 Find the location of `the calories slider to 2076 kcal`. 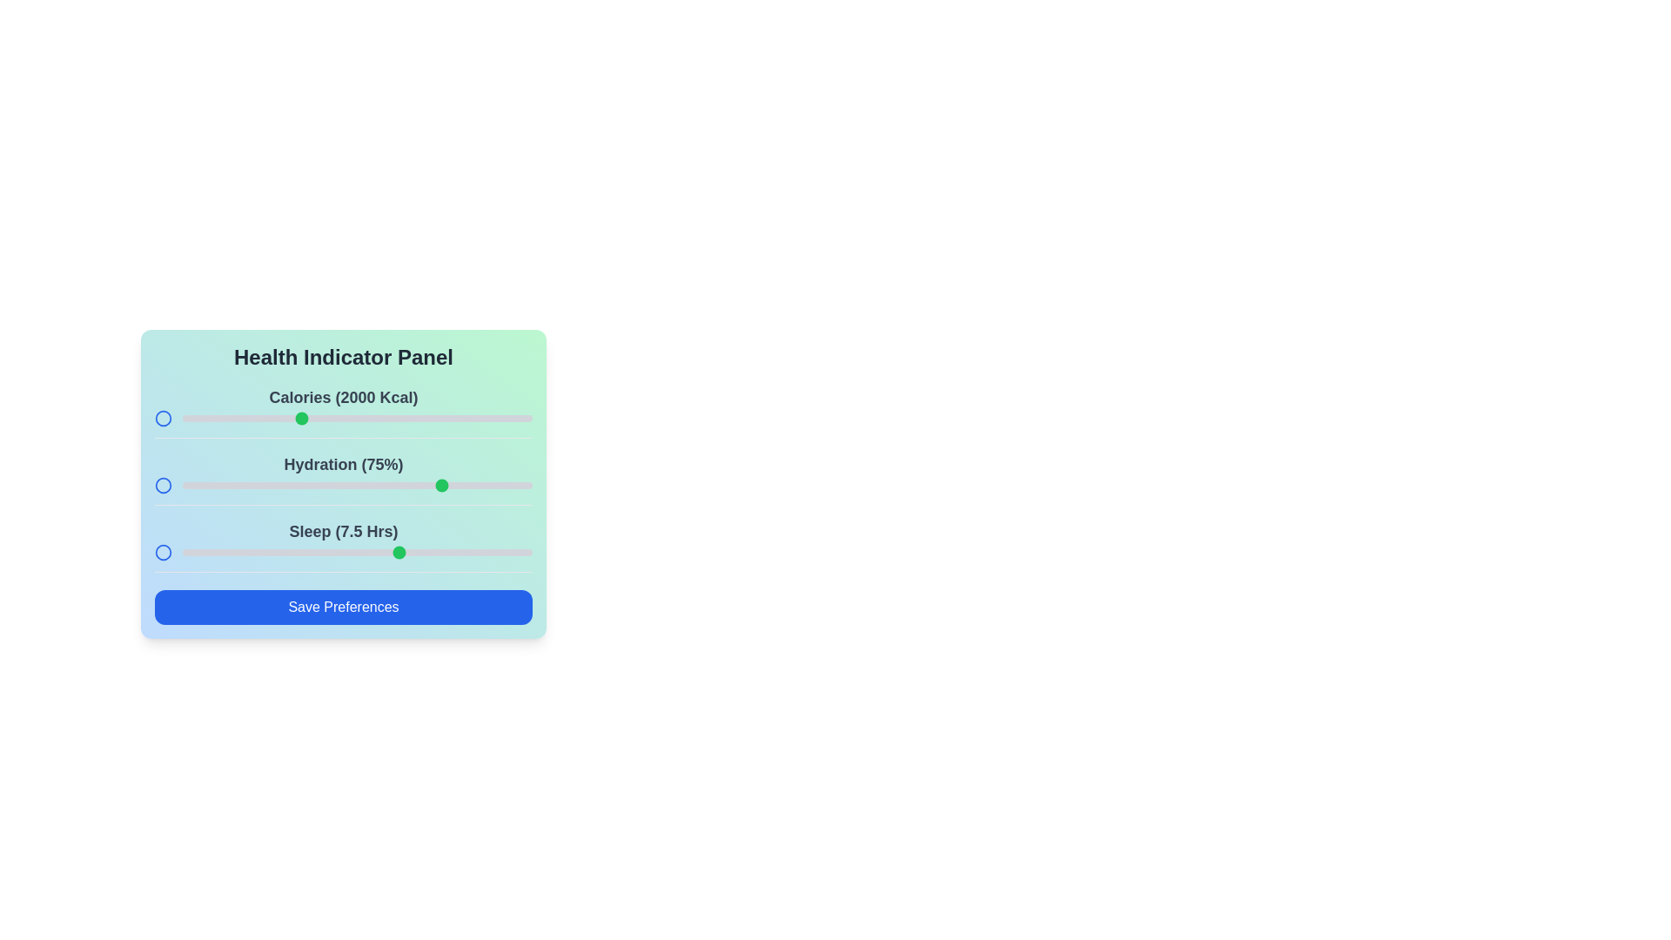

the calories slider to 2076 kcal is located at coordinates (317, 419).